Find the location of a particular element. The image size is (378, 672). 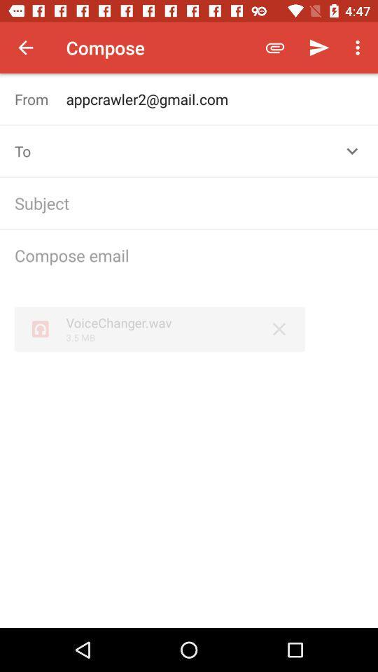

the send icon is located at coordinates (319, 48).